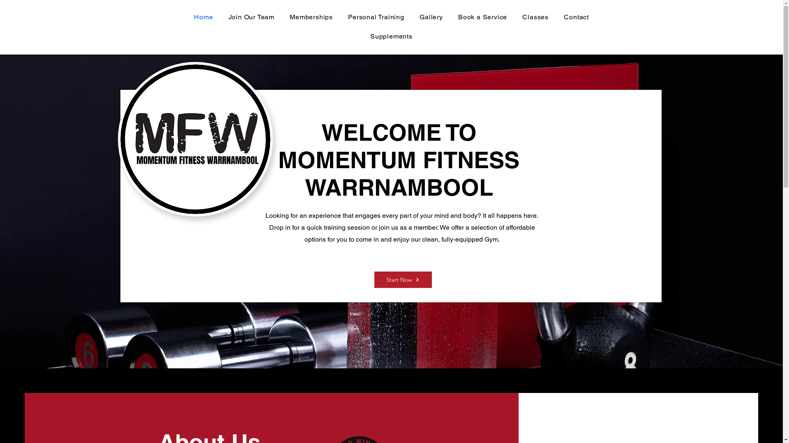 Image resolution: width=789 pixels, height=443 pixels. Describe the element at coordinates (284, 17) in the screenshot. I see `'Memberships'` at that location.